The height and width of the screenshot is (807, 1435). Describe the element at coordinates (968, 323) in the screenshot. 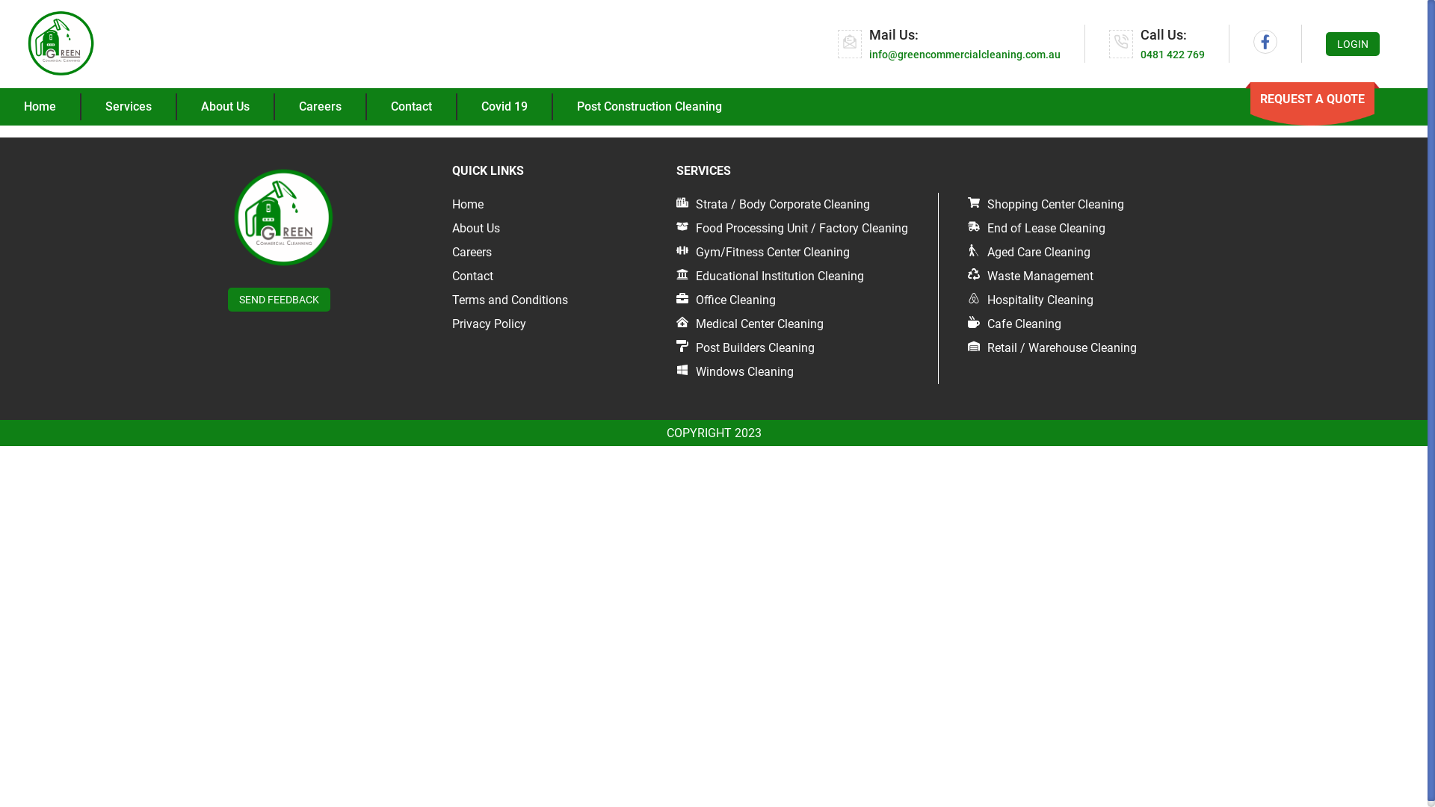

I see `'Cafe Cleaning'` at that location.